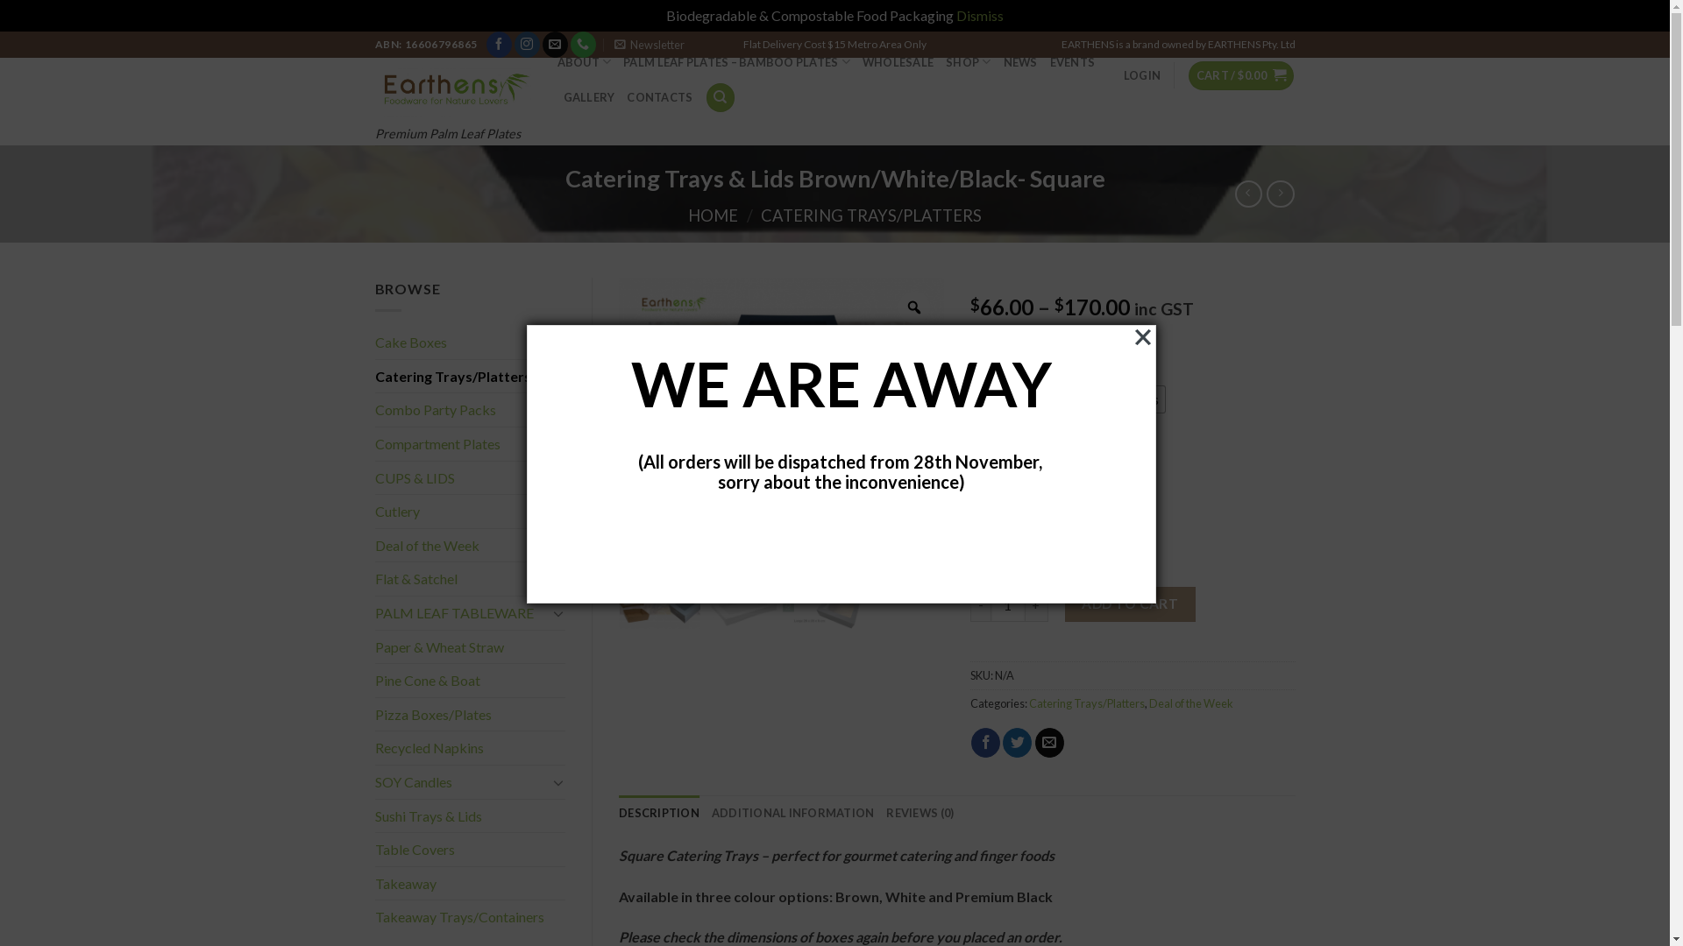 This screenshot has height=946, width=1683. What do you see at coordinates (471, 884) in the screenshot?
I see `'Takeaway'` at bounding box center [471, 884].